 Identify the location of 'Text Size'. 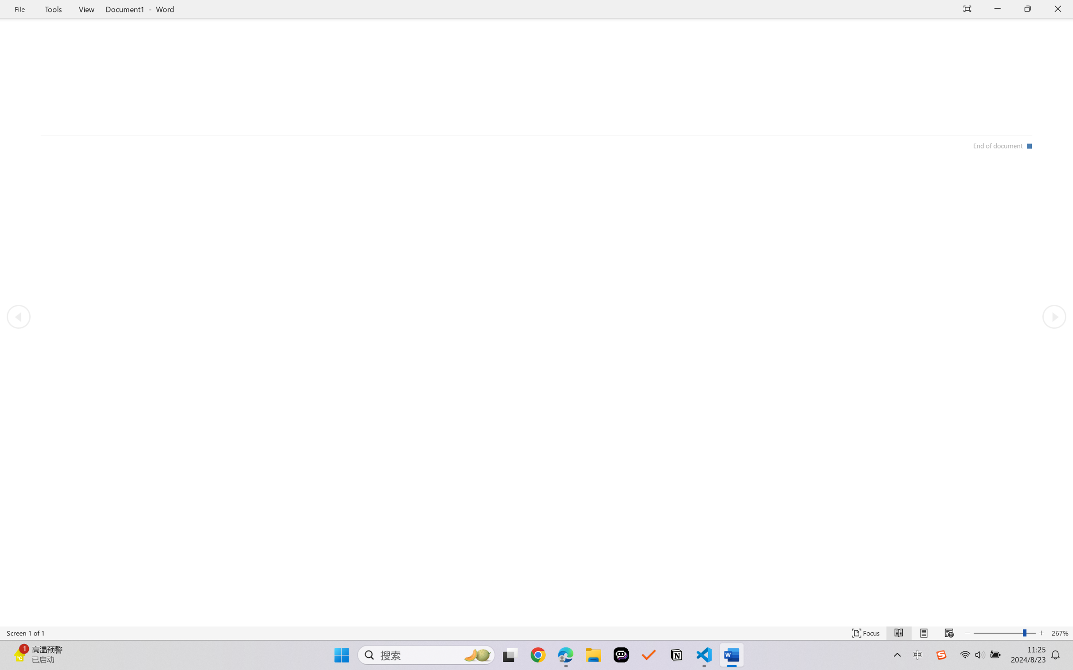
(1005, 633).